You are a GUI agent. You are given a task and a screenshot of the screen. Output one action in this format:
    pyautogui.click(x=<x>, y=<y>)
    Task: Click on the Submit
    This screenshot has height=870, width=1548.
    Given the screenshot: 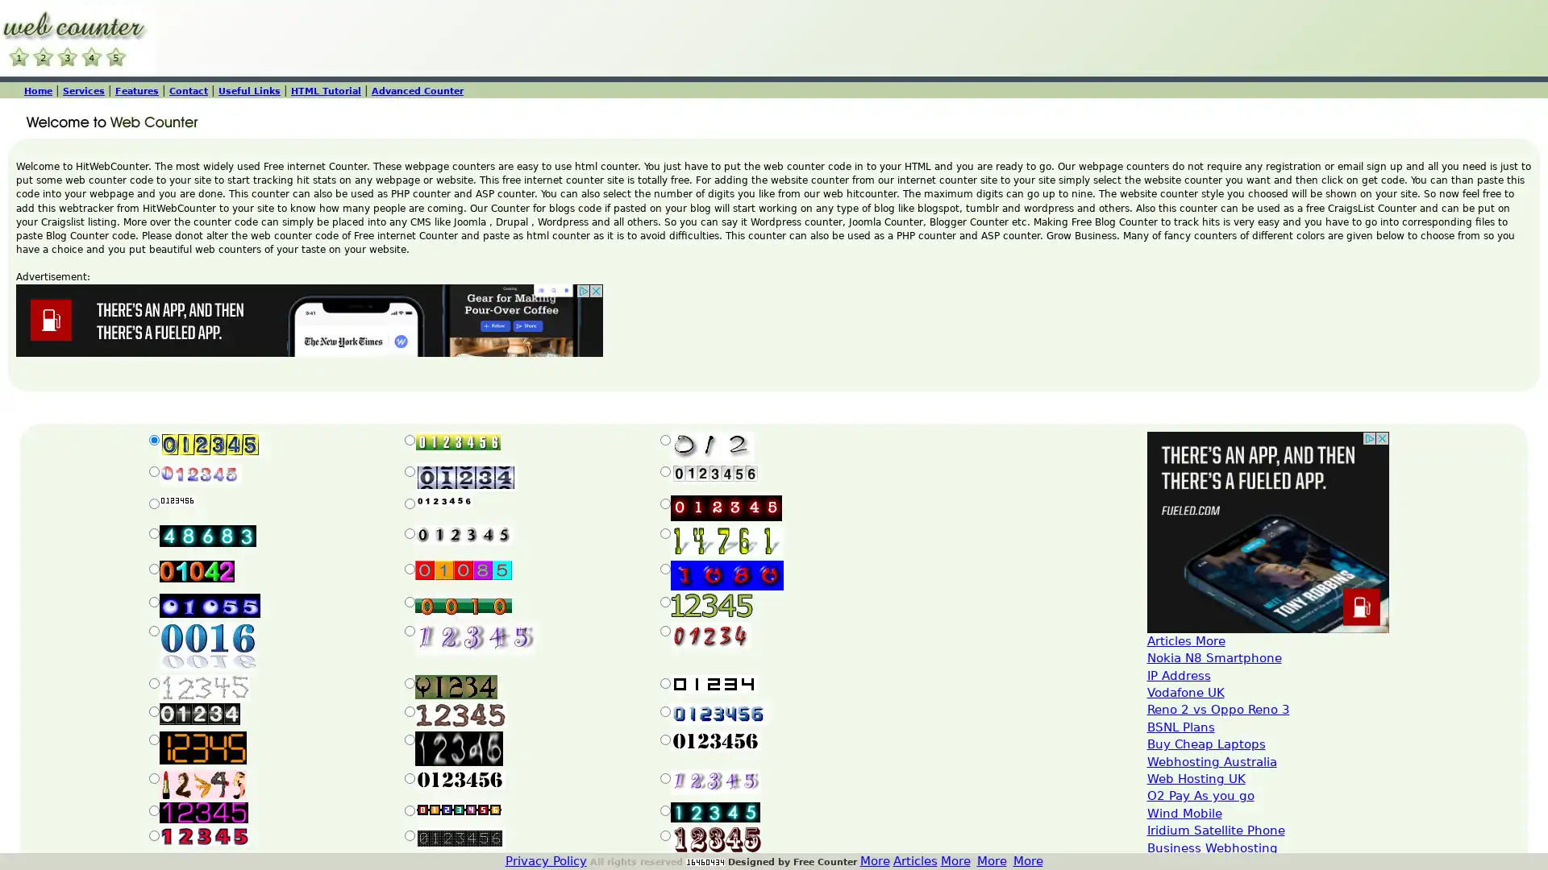 What is the action you would take?
    pyautogui.click(x=464, y=476)
    